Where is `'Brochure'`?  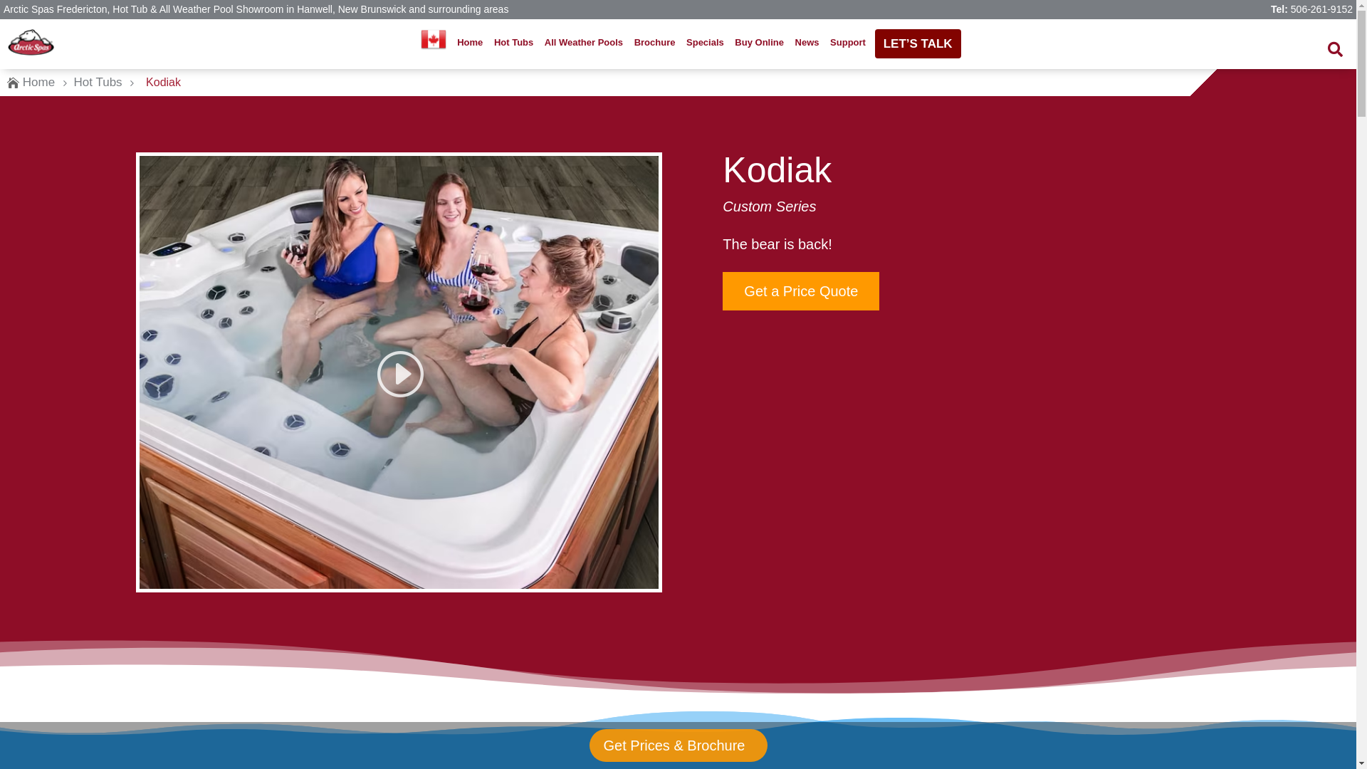
'Brochure' is located at coordinates (629, 41).